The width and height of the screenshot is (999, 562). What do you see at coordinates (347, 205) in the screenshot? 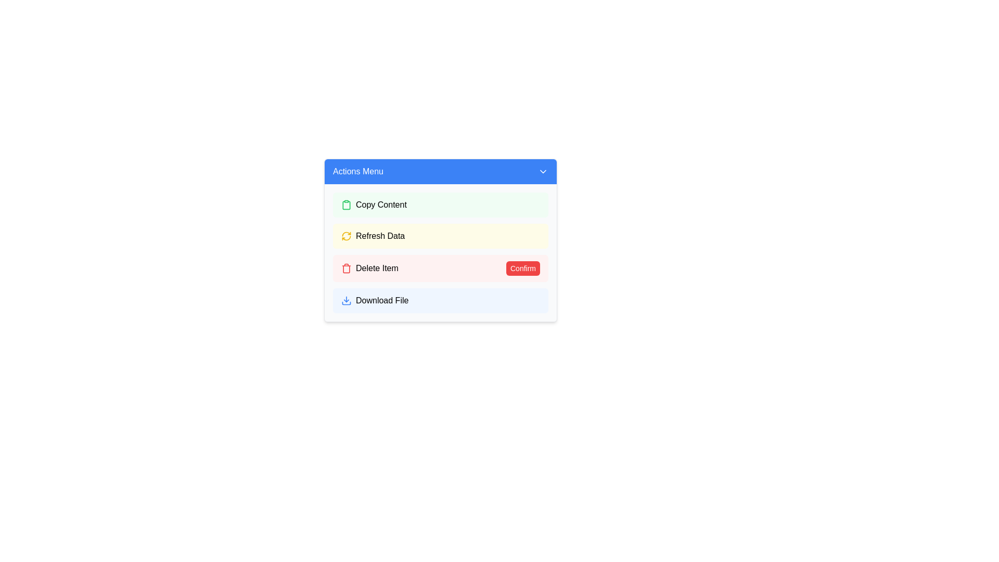
I see `the green clipboard icon located to the left of the 'Copy Content' menu item in the 'Actions Menu'` at bounding box center [347, 205].